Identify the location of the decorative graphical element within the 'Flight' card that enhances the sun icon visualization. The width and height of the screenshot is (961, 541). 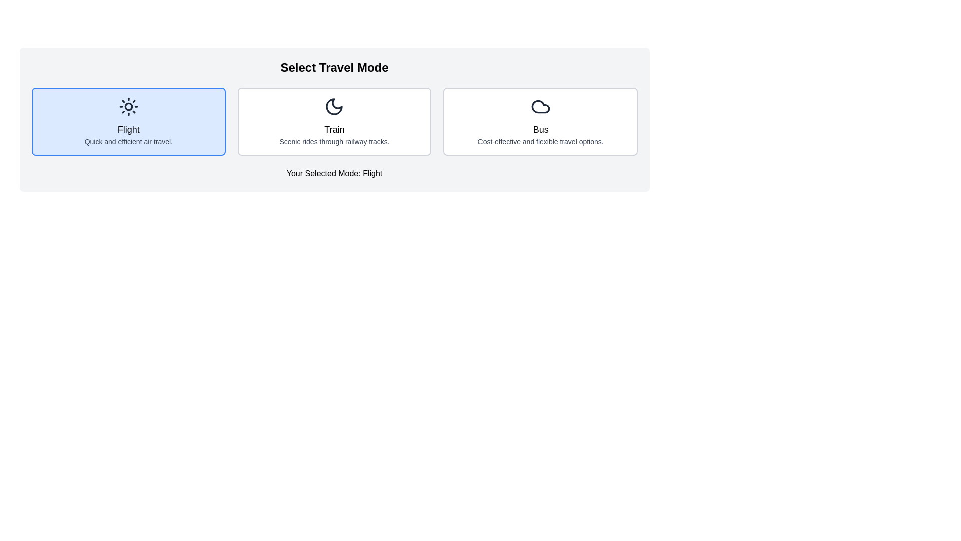
(128, 106).